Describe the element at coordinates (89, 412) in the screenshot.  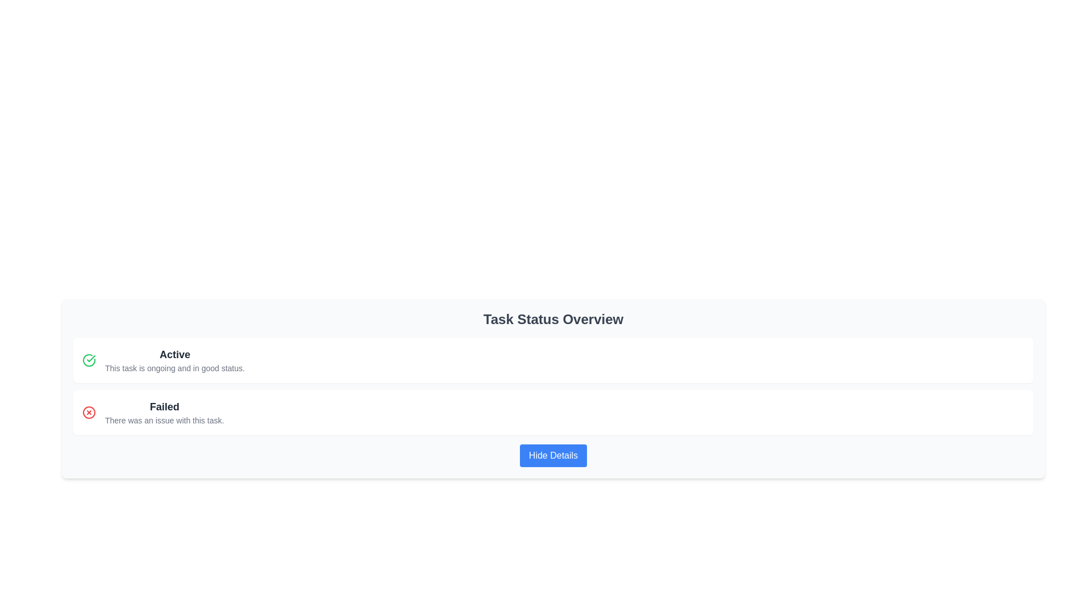
I see `the red circular SVG graphic with a cross that indicates a failed status in the 'Task Status Overview' section, located near the text 'Failed'` at that location.